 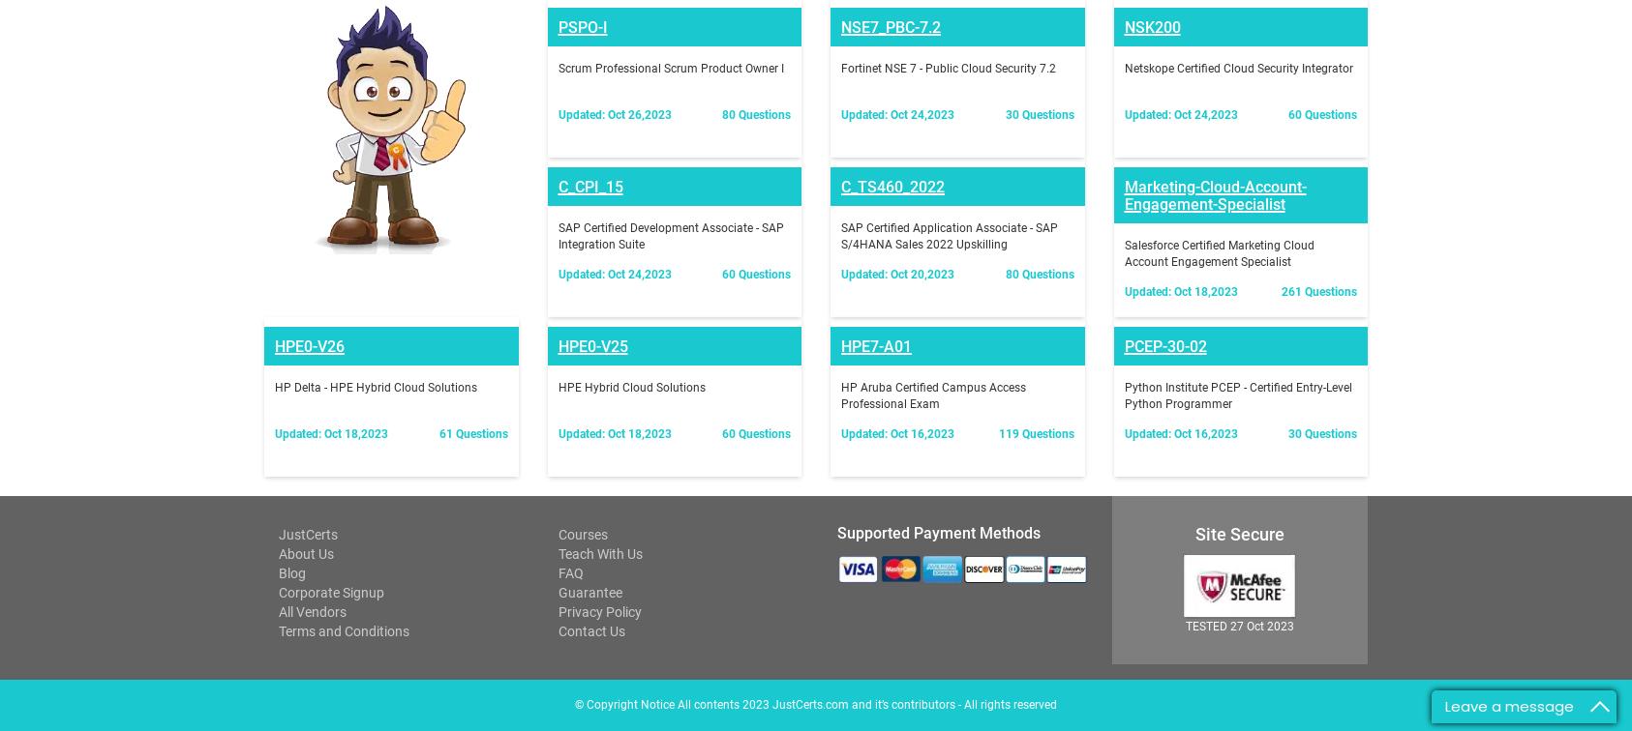 What do you see at coordinates (591, 95) in the screenshot?
I see `'HPE0-V25'` at bounding box center [591, 95].